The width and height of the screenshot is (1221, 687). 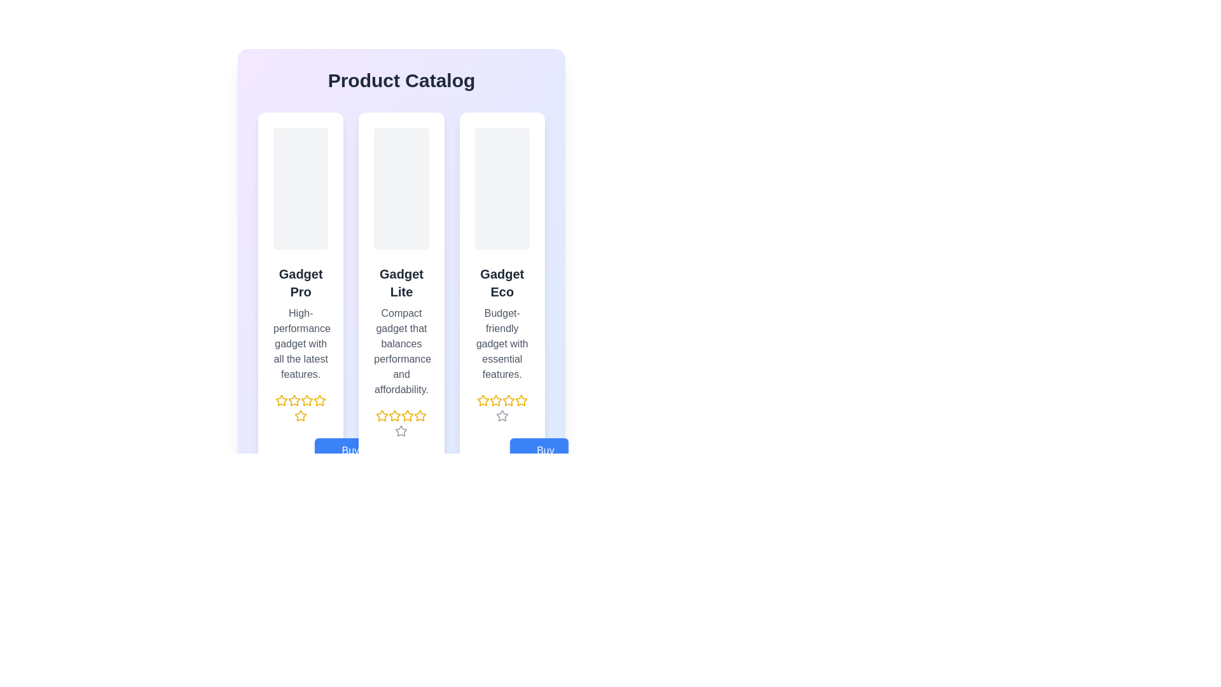 What do you see at coordinates (344, 459) in the screenshot?
I see `the purchase button located within the second product card, positioned below the product title and rating stars, by tabbing to it` at bounding box center [344, 459].